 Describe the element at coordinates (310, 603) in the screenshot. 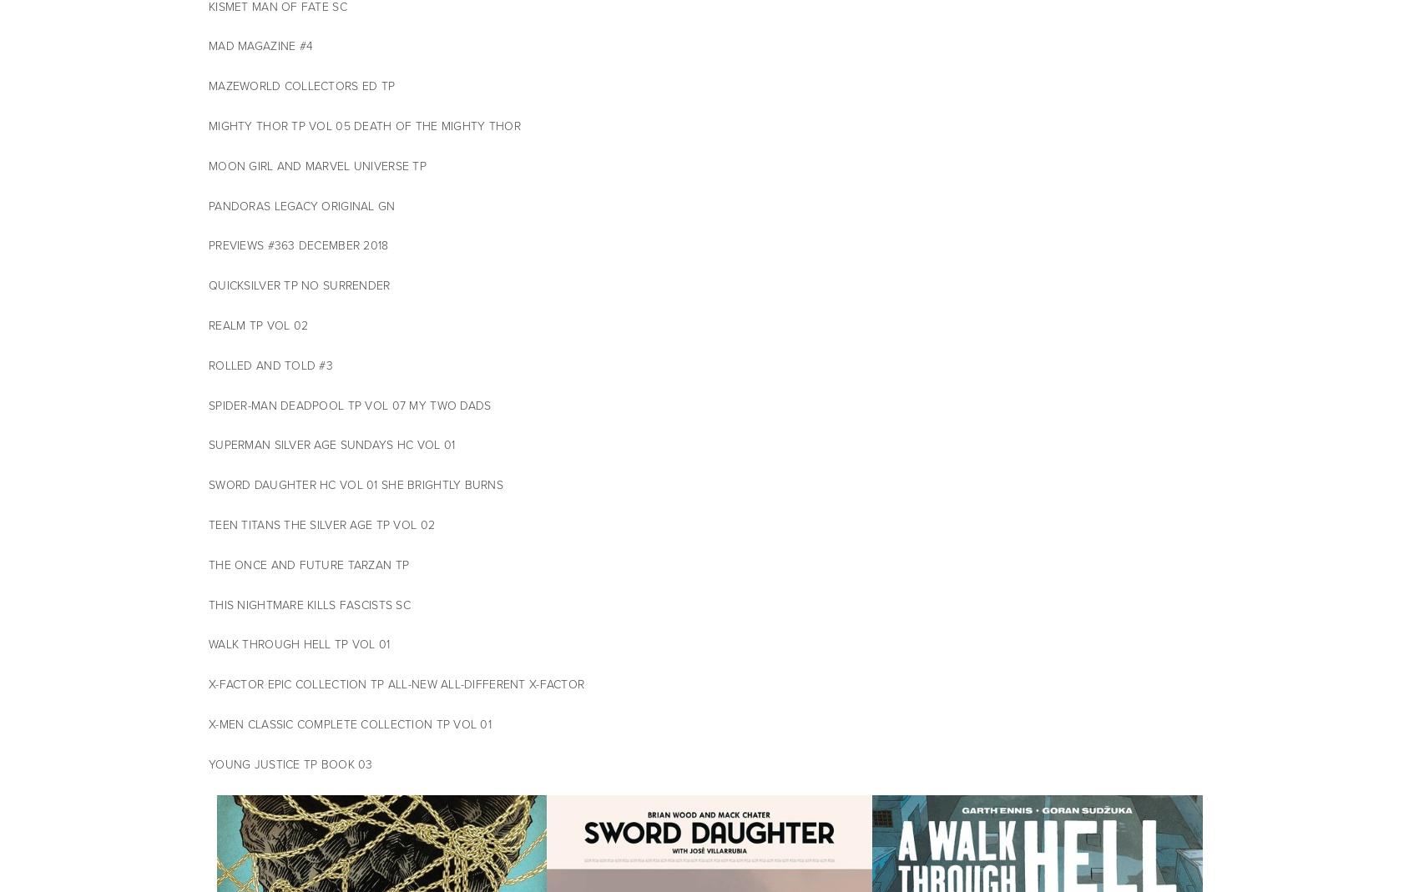

I see `'THIS NIGHTMARE KILLS FASCISTS SC'` at that location.